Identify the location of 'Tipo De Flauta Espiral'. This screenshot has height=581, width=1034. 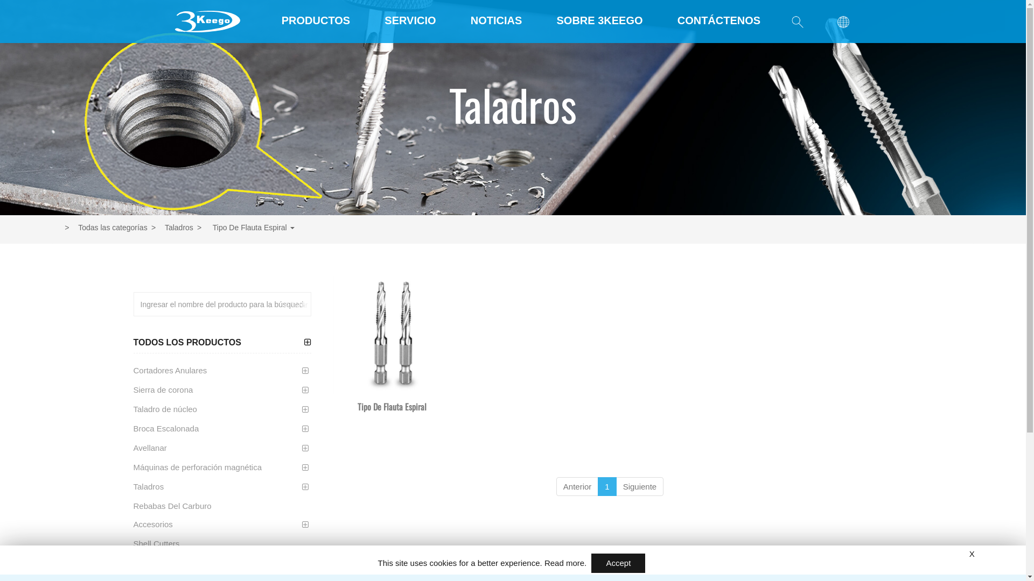
(392, 407).